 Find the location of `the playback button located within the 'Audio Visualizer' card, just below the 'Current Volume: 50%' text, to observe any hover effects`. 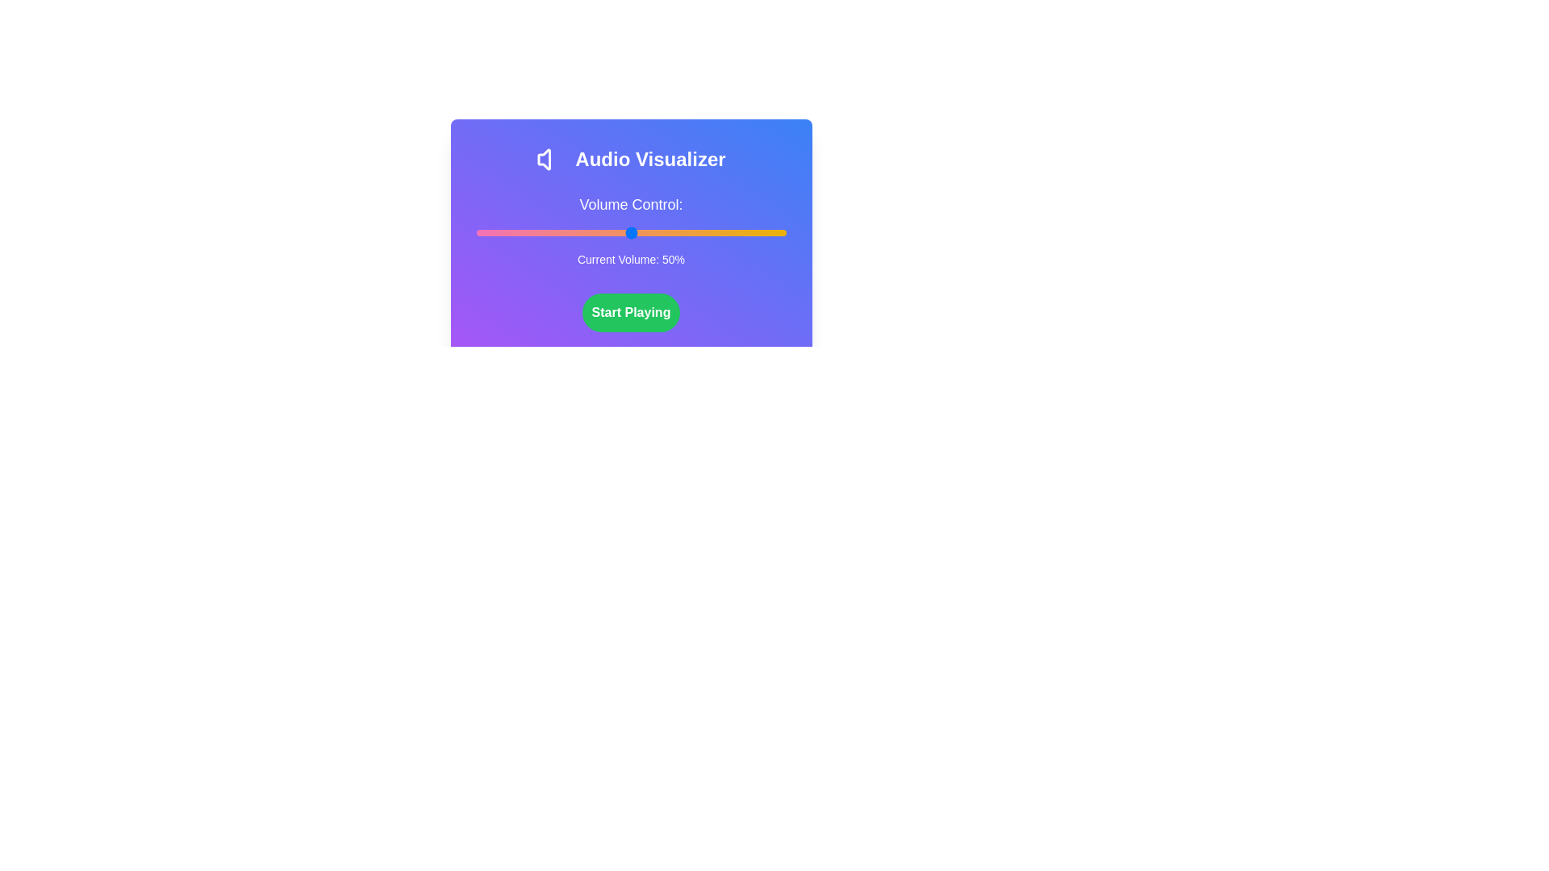

the playback button located within the 'Audio Visualizer' card, just below the 'Current Volume: 50%' text, to observe any hover effects is located at coordinates (630, 313).